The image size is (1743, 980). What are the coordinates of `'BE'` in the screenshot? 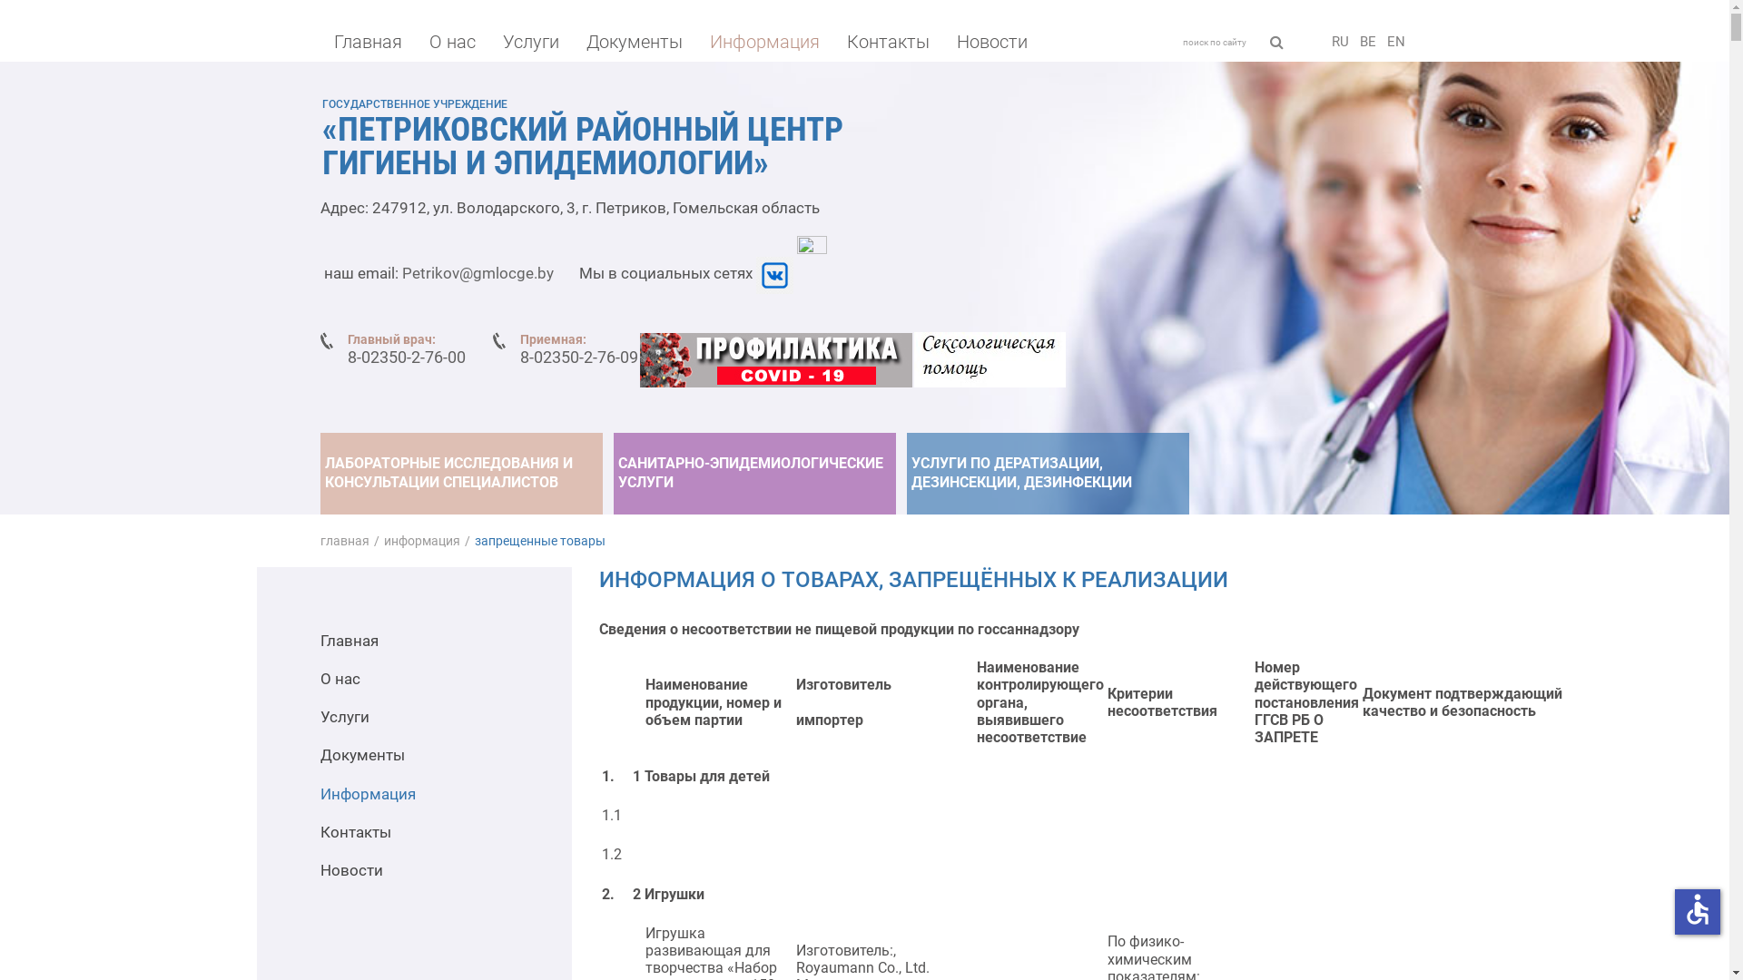 It's located at (1367, 41).